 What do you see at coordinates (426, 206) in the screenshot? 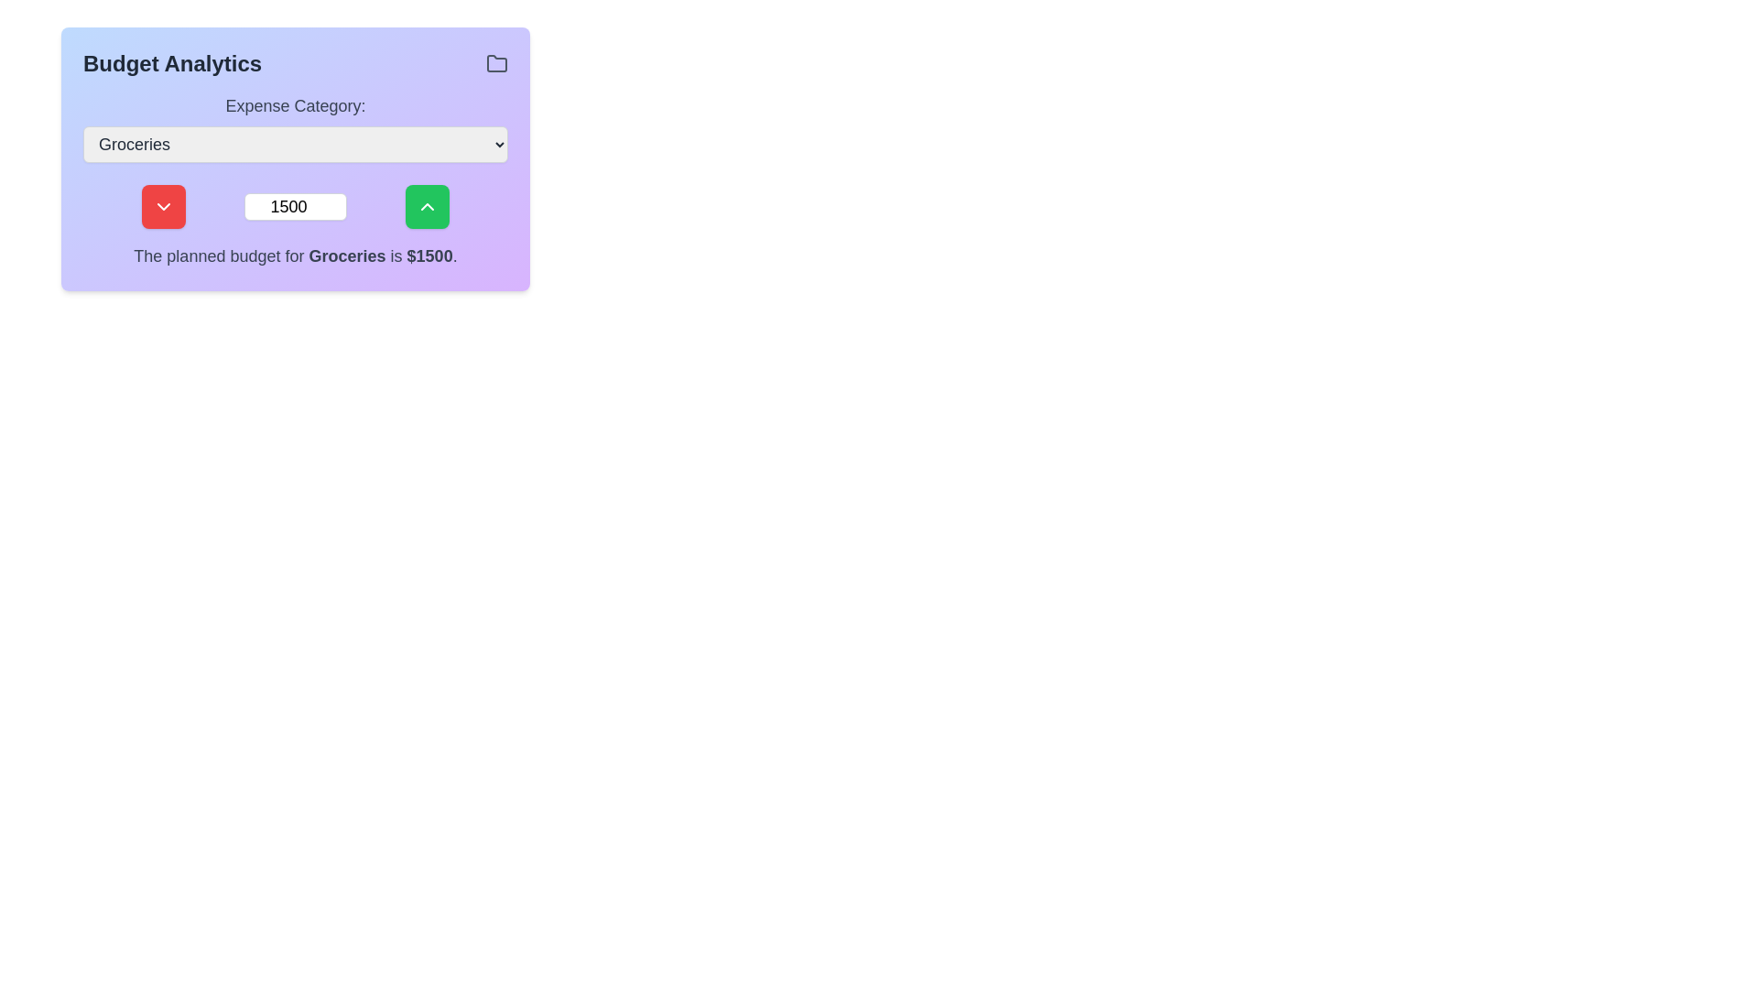
I see `the chevron-shaped upward arrow button with a thin white outline and green rounded rectangular background, located to the right of the numerical input field` at bounding box center [426, 206].